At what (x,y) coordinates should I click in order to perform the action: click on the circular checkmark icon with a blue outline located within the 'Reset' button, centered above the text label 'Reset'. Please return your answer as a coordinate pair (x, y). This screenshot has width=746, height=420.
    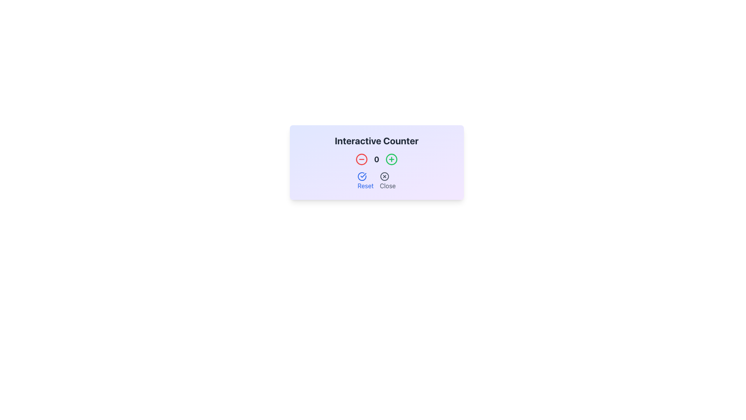
    Looking at the image, I should click on (362, 177).